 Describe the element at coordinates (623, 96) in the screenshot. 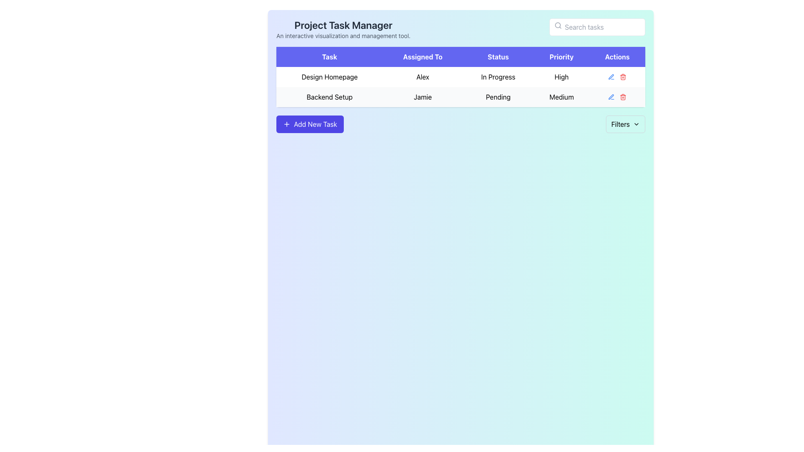

I see `the delete button located in the Actions column of the second row of the task management table for the 'Back-end Setup' task` at that location.